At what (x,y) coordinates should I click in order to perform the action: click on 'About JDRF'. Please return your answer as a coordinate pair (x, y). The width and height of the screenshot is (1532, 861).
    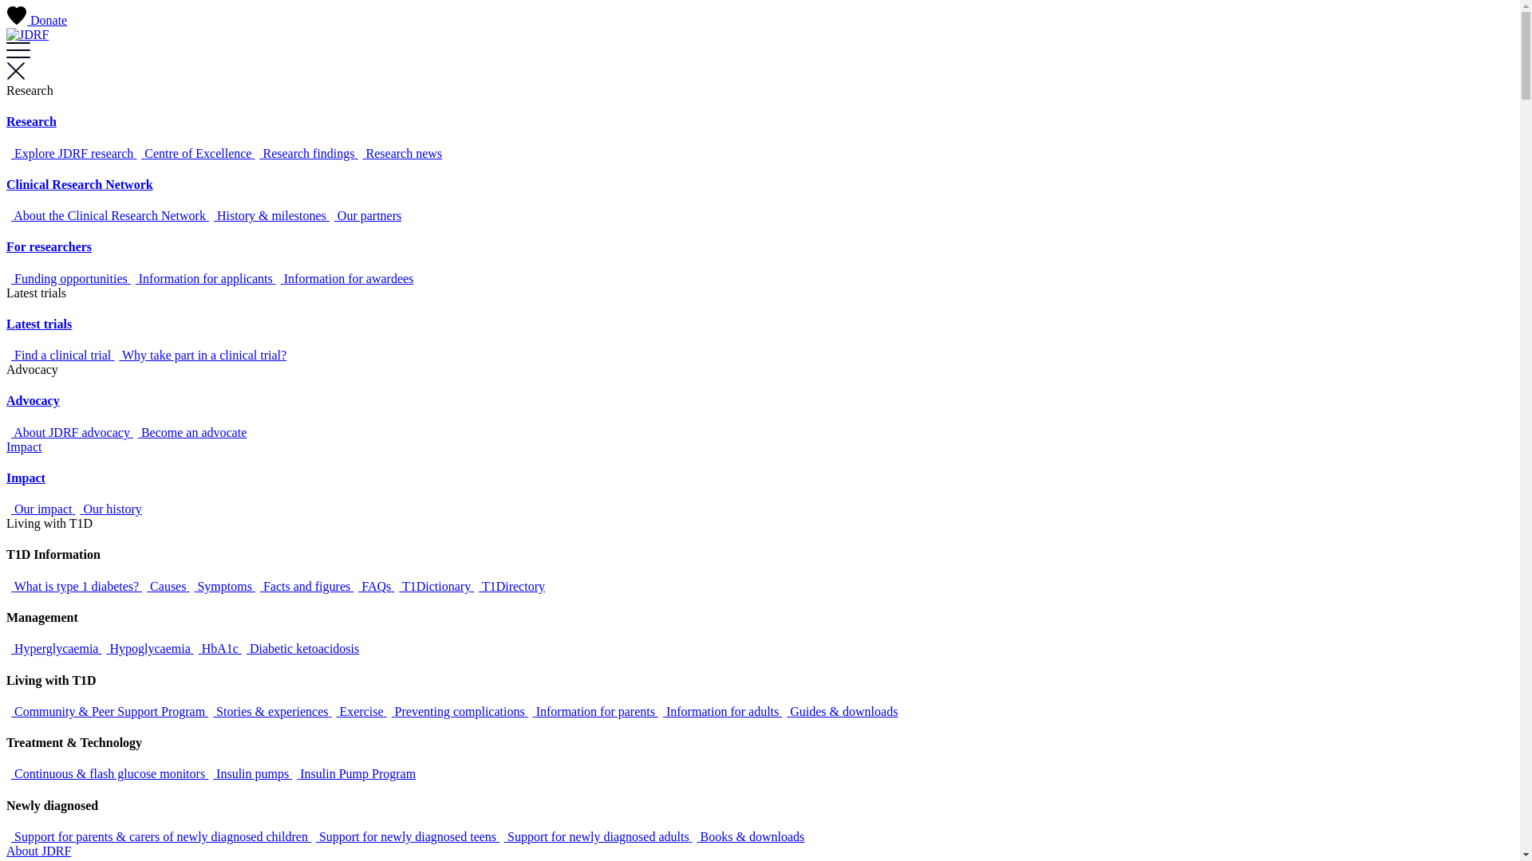
    Looking at the image, I should click on (38, 850).